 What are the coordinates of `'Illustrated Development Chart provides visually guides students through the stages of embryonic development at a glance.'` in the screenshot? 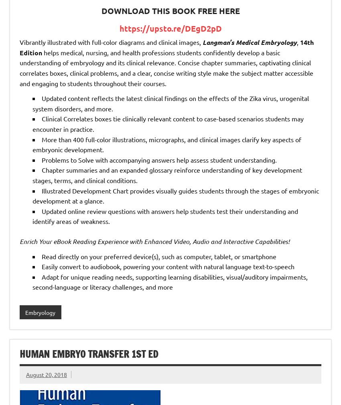 It's located at (32, 195).